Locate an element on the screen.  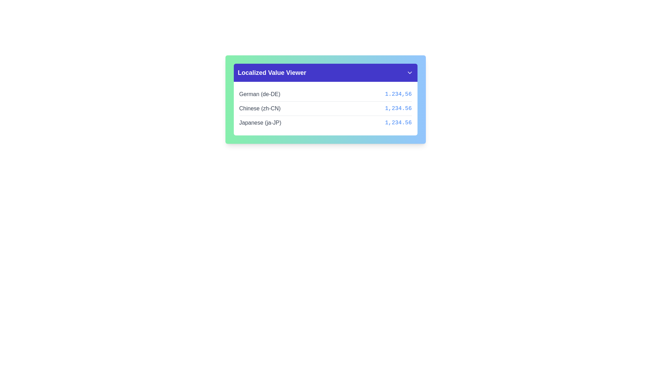
the static text displaying a formatted numerical value located on the third row of the table under the 'Localized Value Viewer' panel, adjacent to 'Japanese (ja-JP)' is located at coordinates (398, 123).